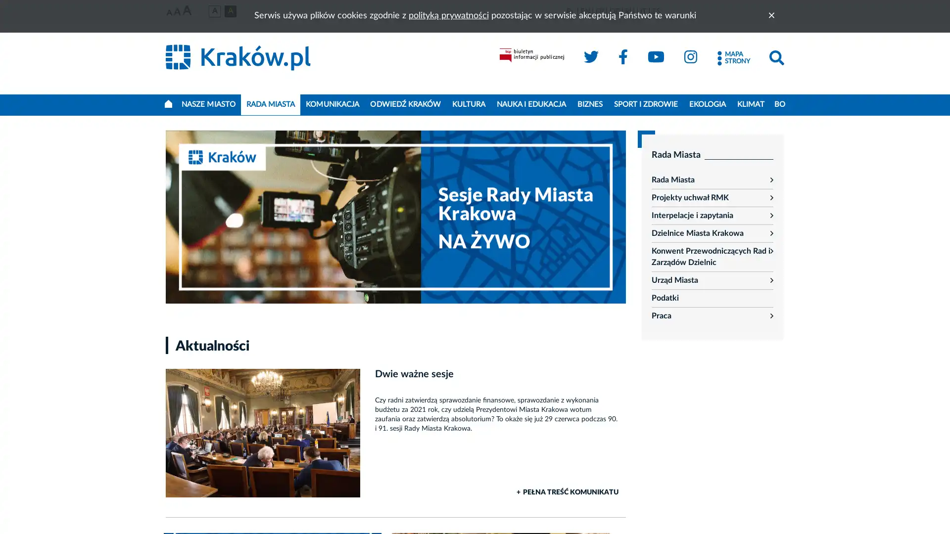  What do you see at coordinates (169, 13) in the screenshot?
I see `Najmniejsza czcionka` at bounding box center [169, 13].